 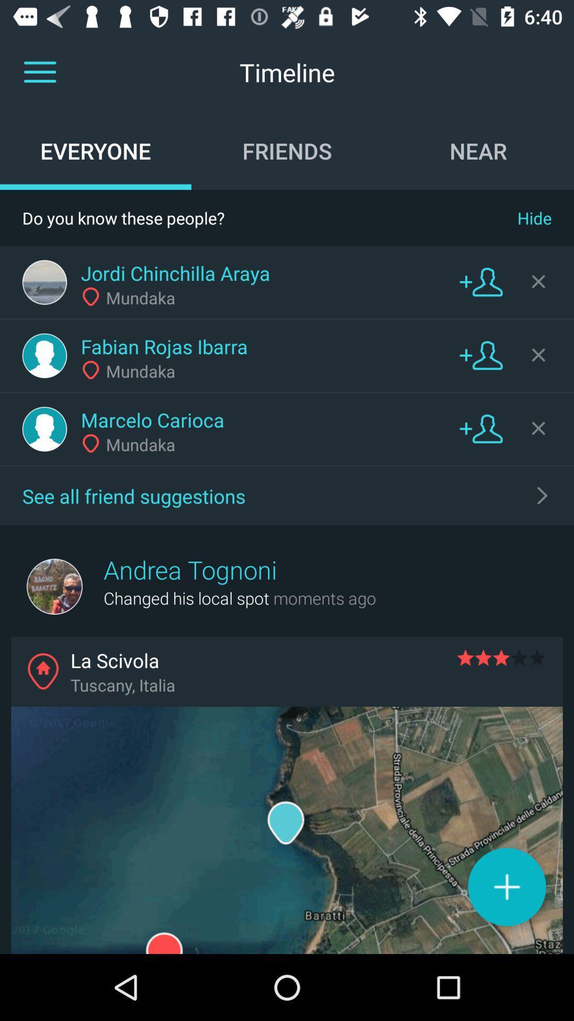 I want to click on as friend, so click(x=481, y=355).